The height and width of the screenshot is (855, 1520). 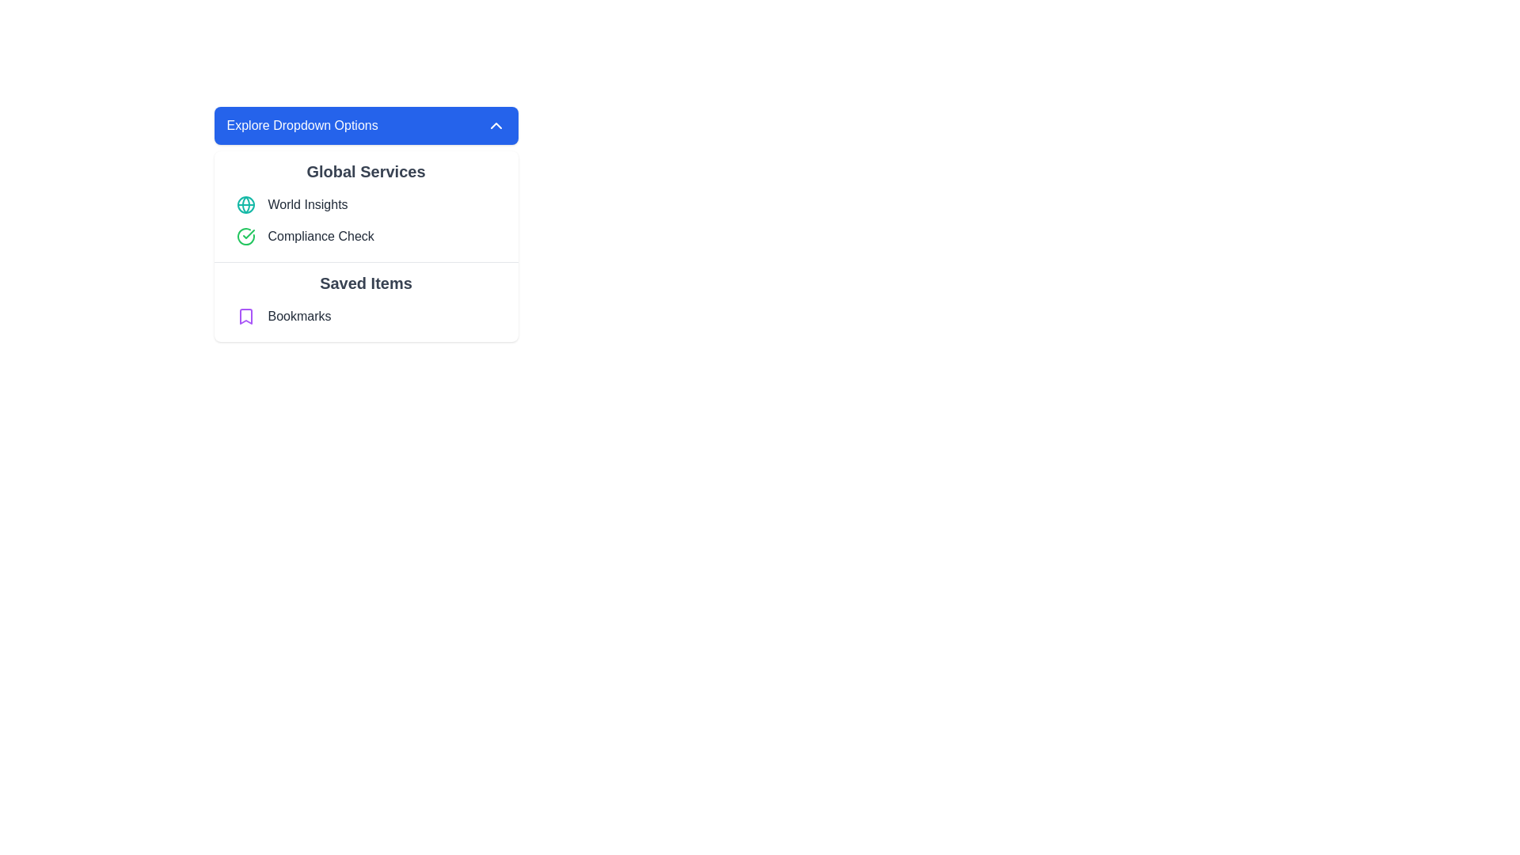 What do you see at coordinates (307, 203) in the screenshot?
I see `the 'World Insights' menu item located in the 'Global Services' section of the dropdown, positioned immediately below the blue header labeled 'Explore Dropdown Options'` at bounding box center [307, 203].